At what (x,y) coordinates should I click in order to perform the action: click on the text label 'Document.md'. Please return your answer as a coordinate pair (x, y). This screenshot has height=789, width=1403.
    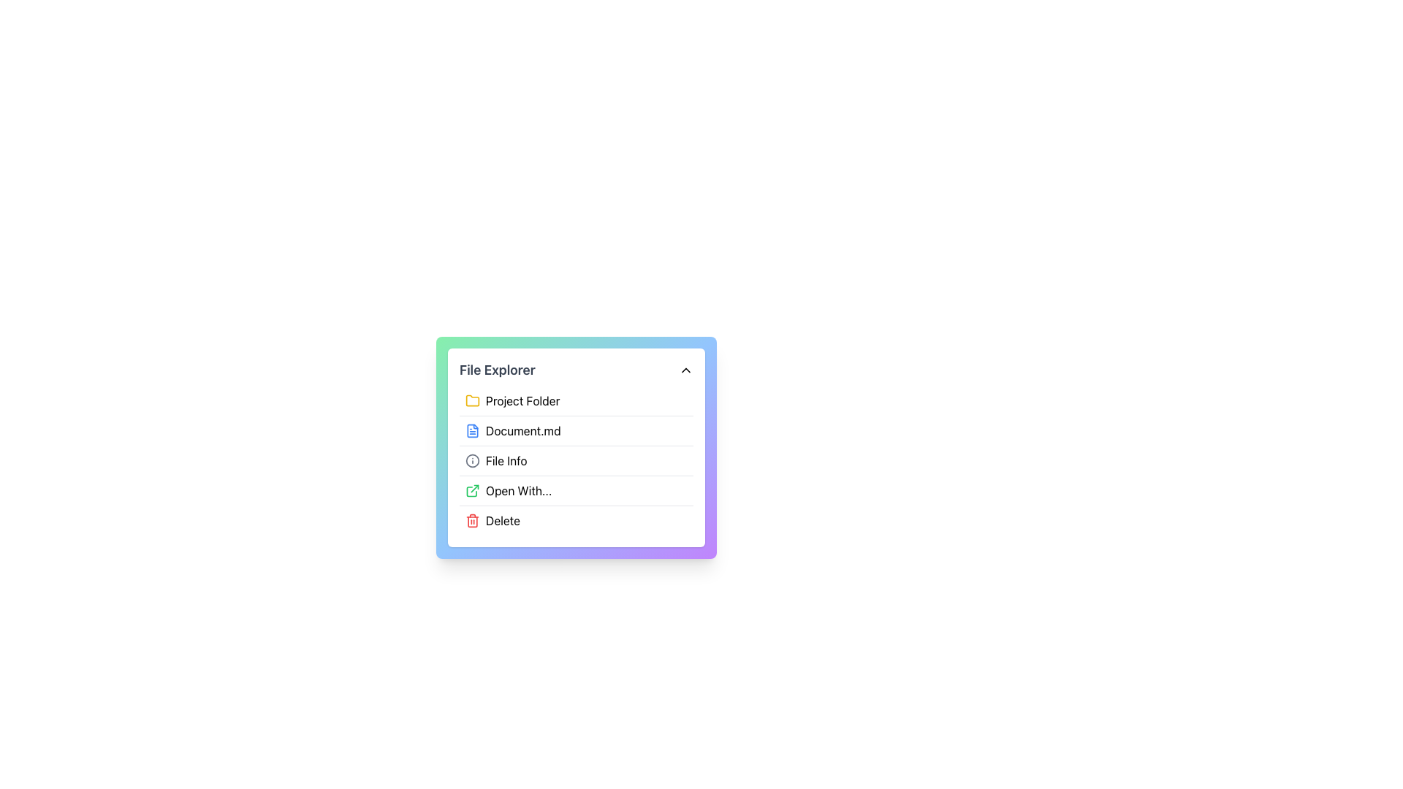
    Looking at the image, I should click on (522, 430).